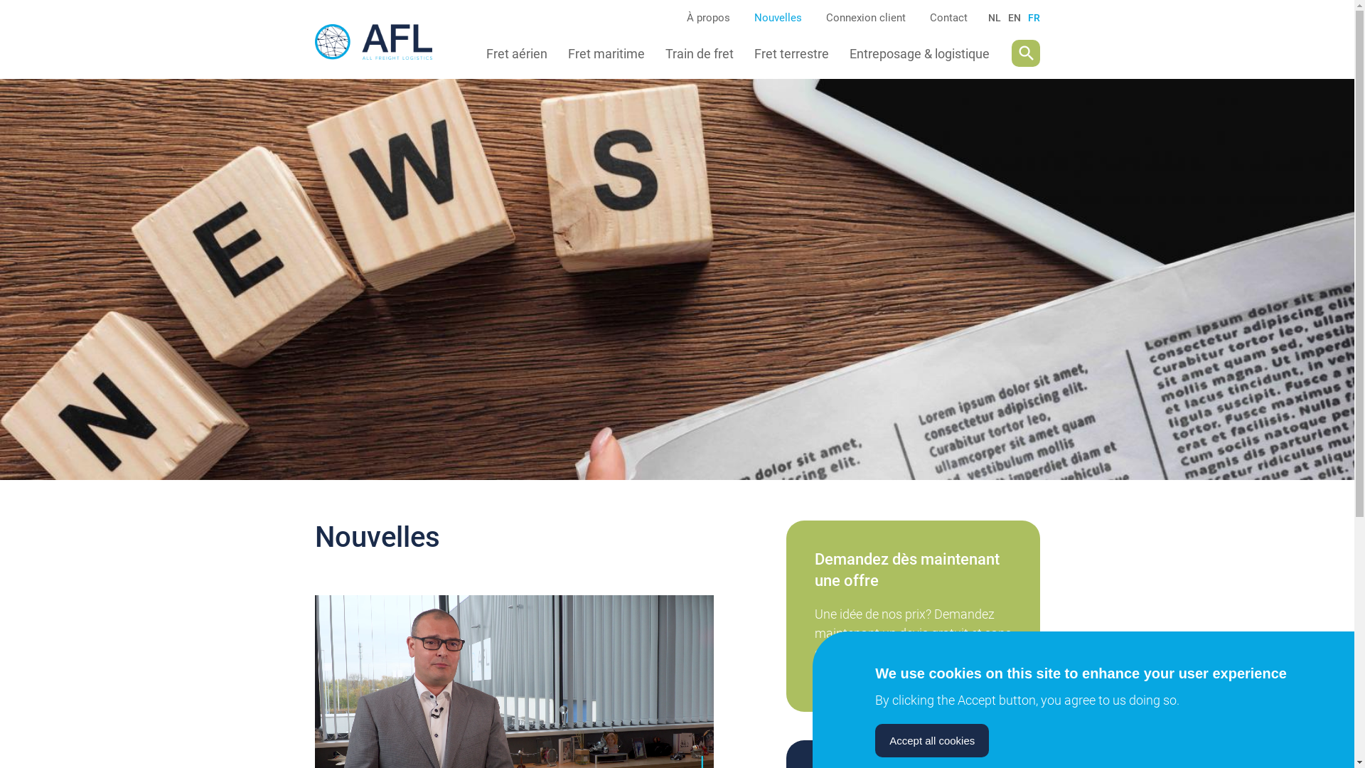 The width and height of the screenshot is (1365, 768). What do you see at coordinates (699, 52) in the screenshot?
I see `'Train de fret'` at bounding box center [699, 52].